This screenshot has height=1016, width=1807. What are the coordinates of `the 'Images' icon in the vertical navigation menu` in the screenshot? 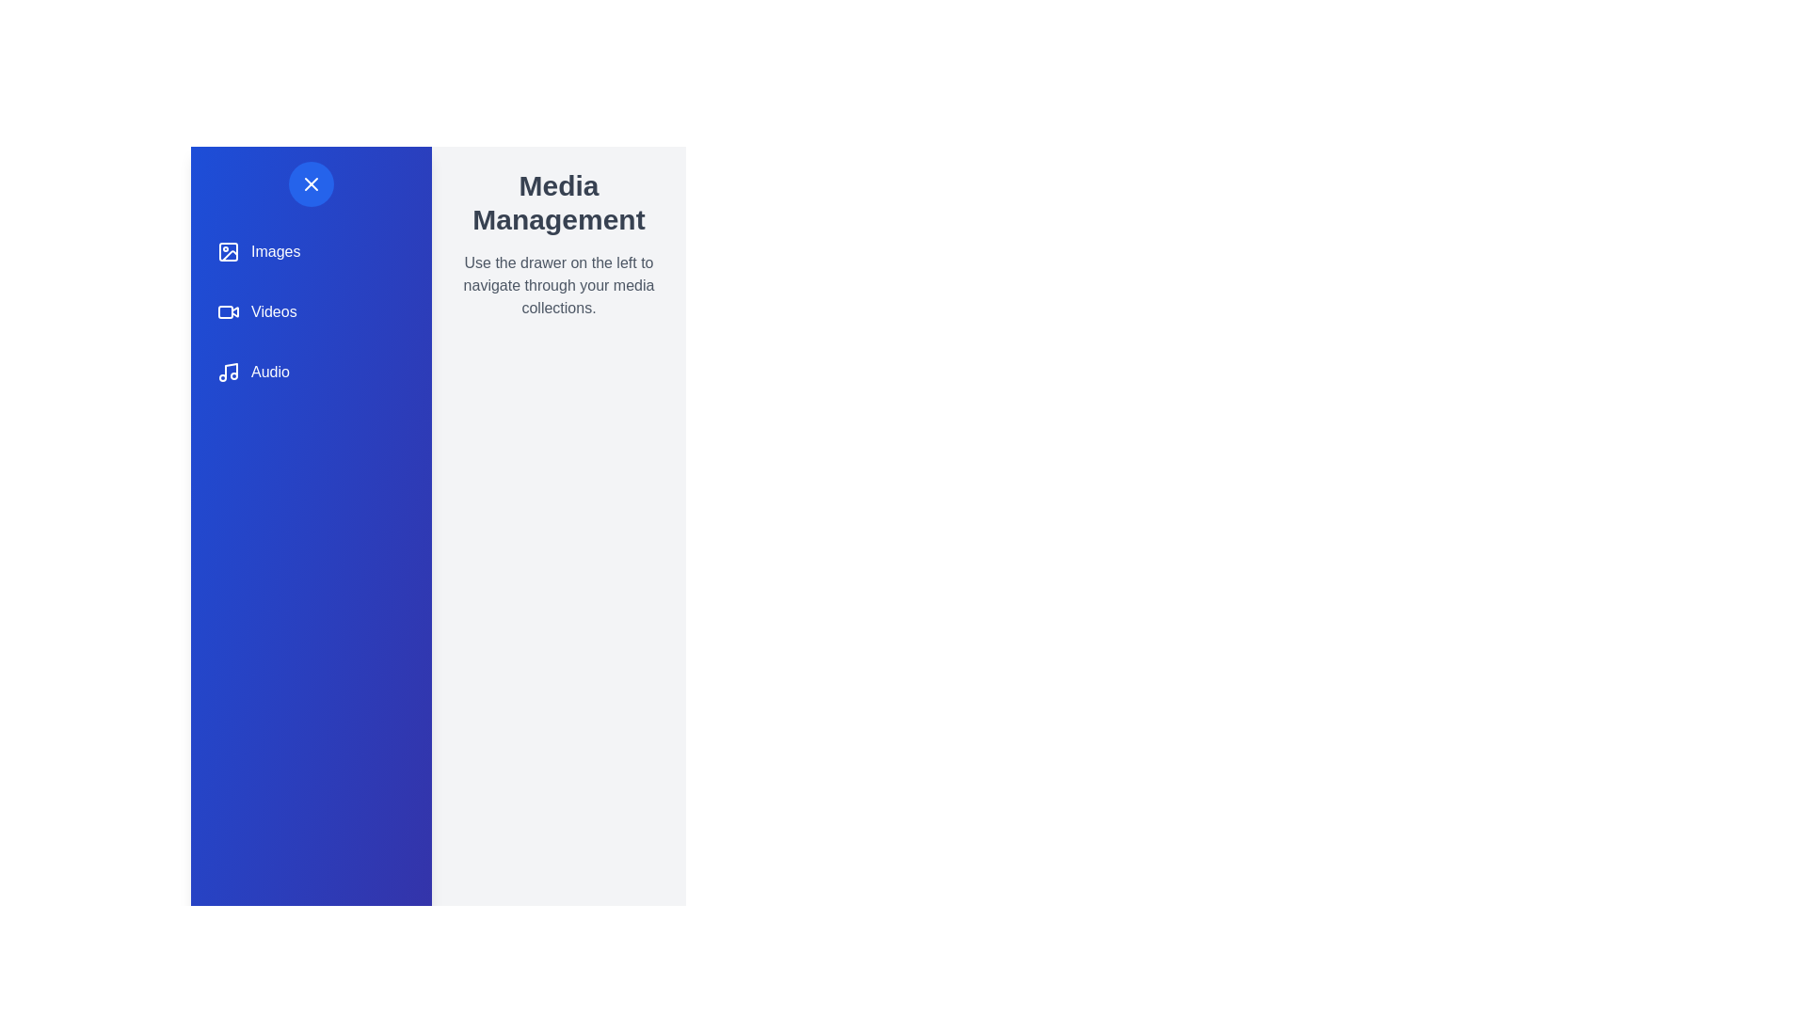 It's located at (228, 250).